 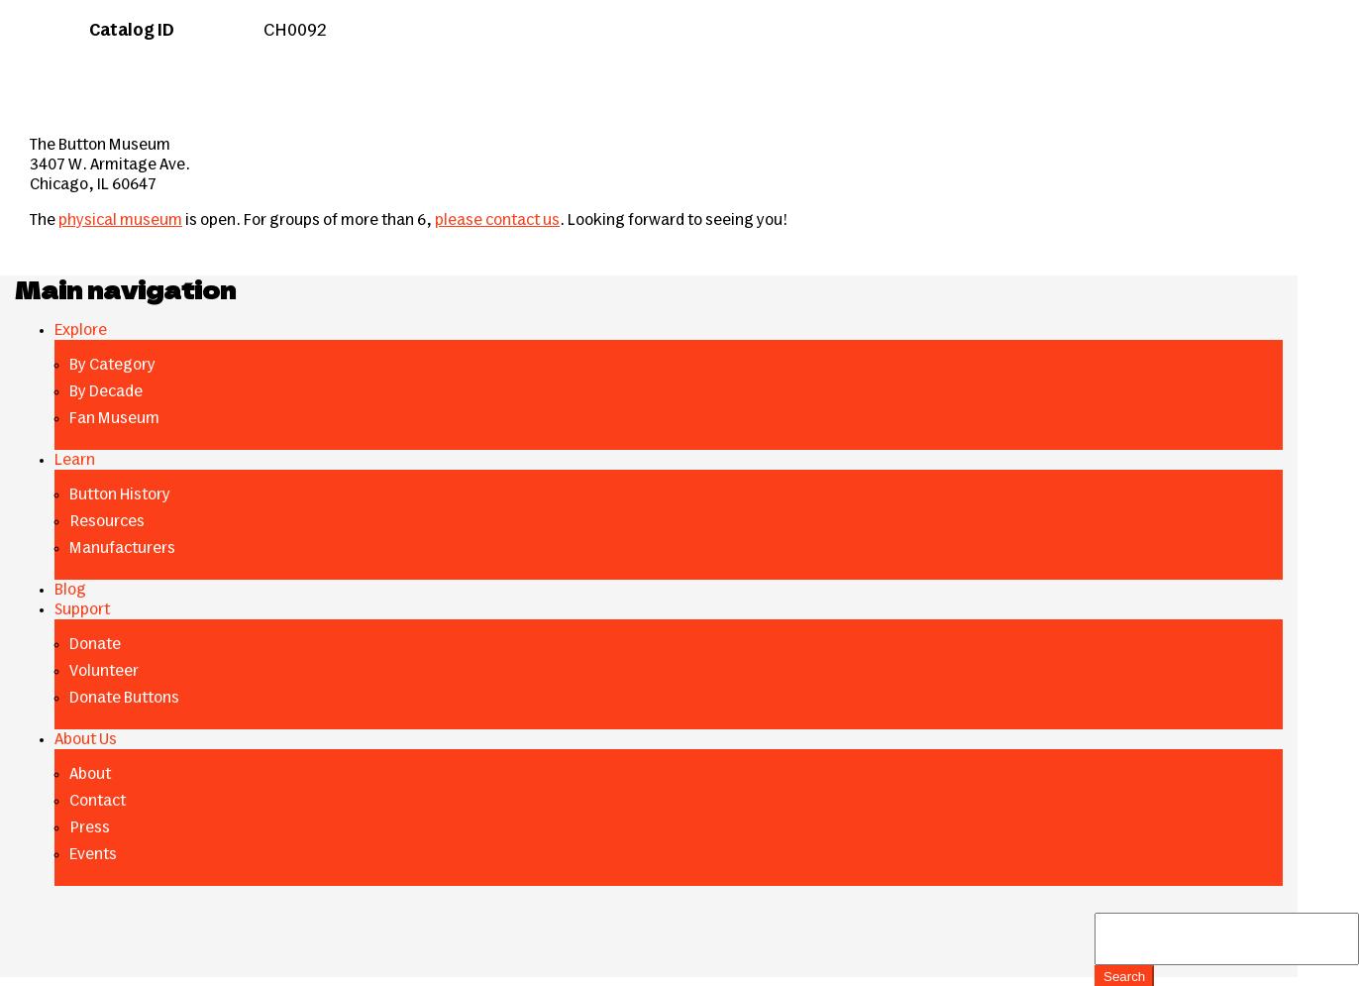 I want to click on 'Manufacturers', so click(x=122, y=548).